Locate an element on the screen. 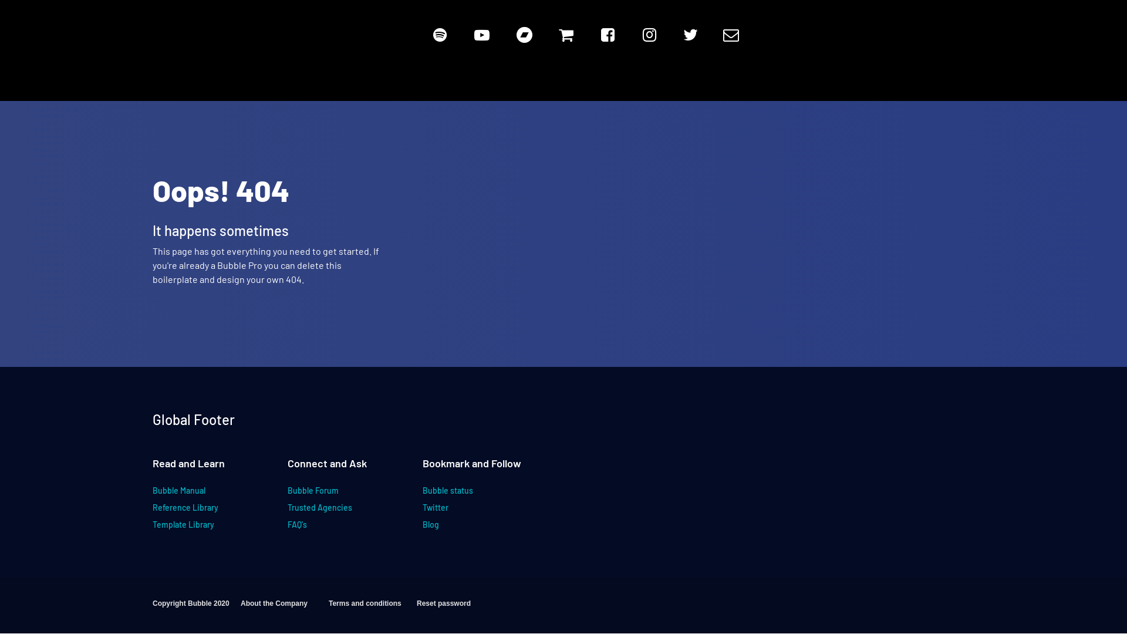 Image resolution: width=1127 pixels, height=634 pixels. 'Bubble status' is located at coordinates (423, 495).